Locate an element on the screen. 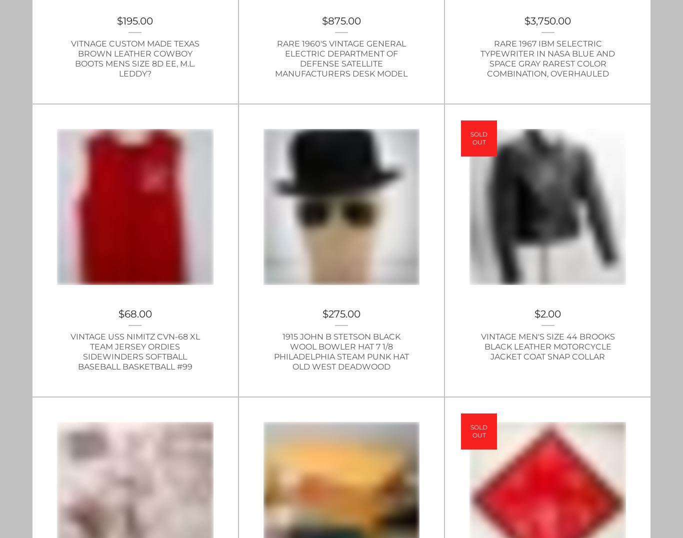 This screenshot has height=538, width=683. 'Vintage Men's size 44 Brooks Black Leather Motorcycle Jacket Coat Snap Collar' is located at coordinates (546, 346).